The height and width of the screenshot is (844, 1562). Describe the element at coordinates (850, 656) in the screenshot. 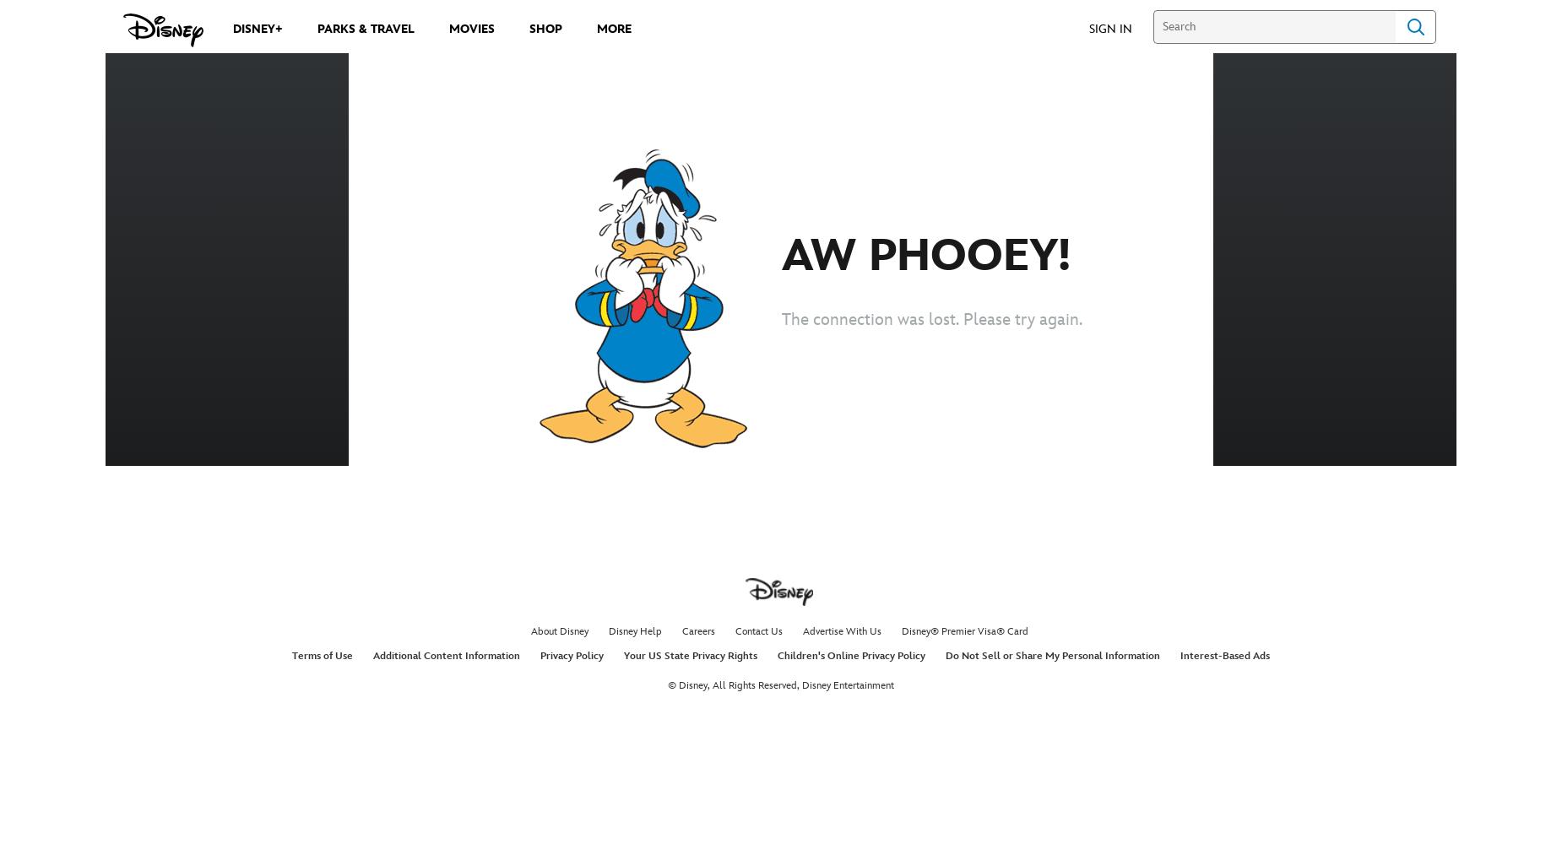

I see `'Children's Online Privacy Policy'` at that location.